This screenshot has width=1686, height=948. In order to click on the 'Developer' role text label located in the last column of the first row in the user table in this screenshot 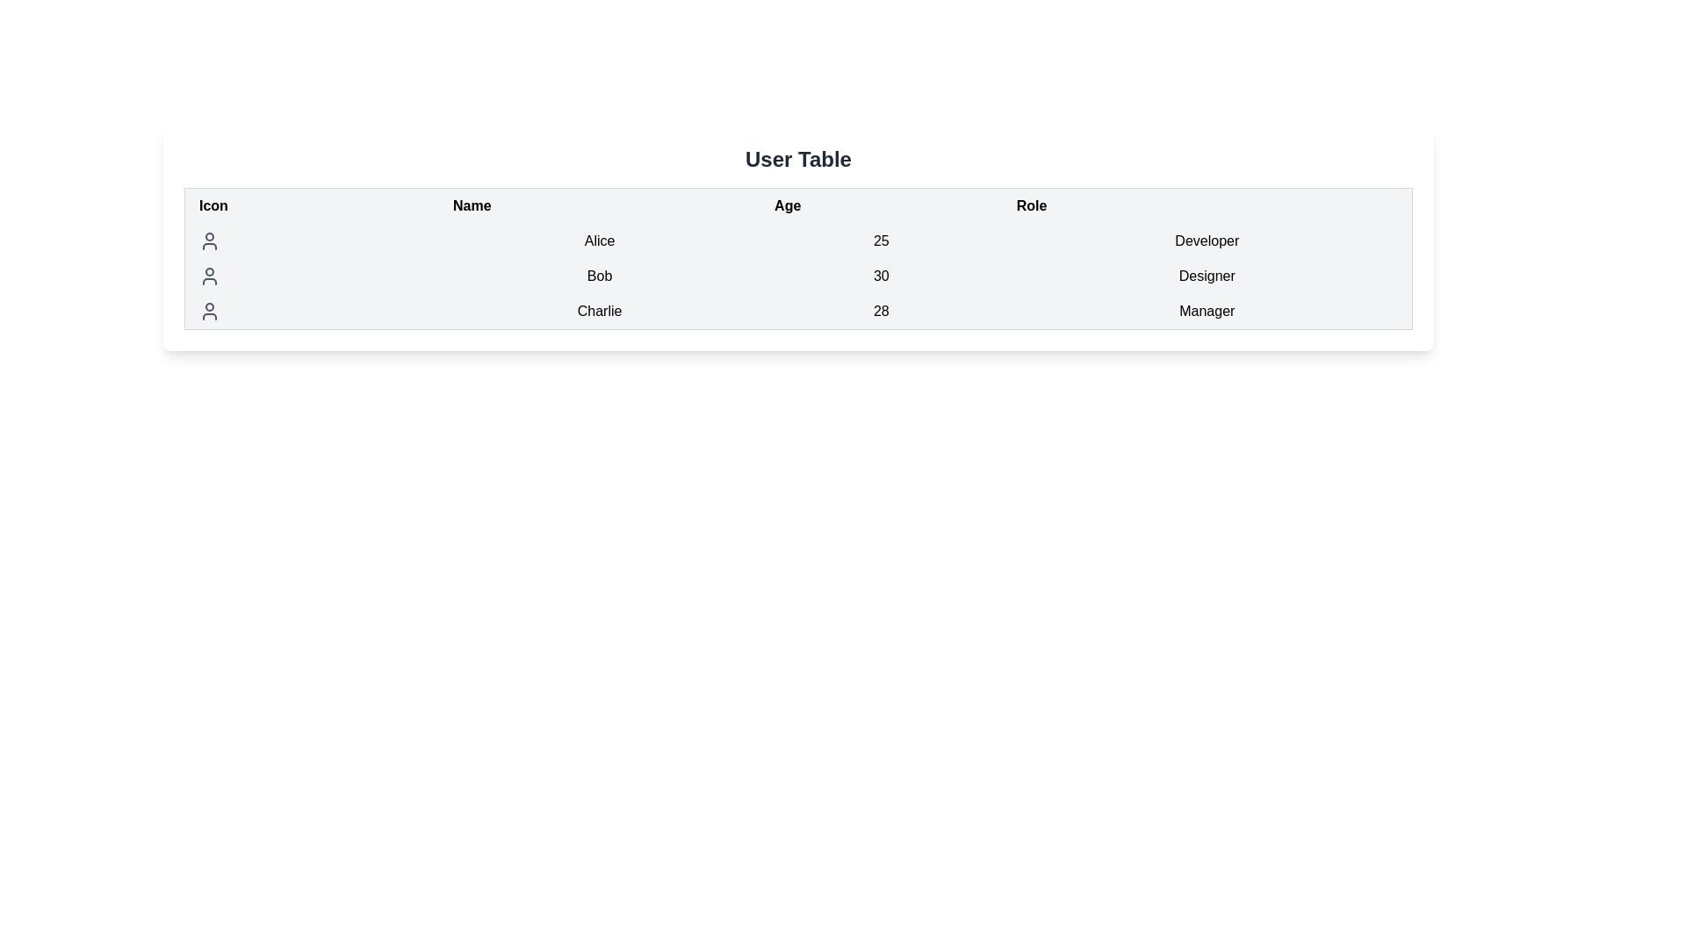, I will do `click(1207, 241)`.